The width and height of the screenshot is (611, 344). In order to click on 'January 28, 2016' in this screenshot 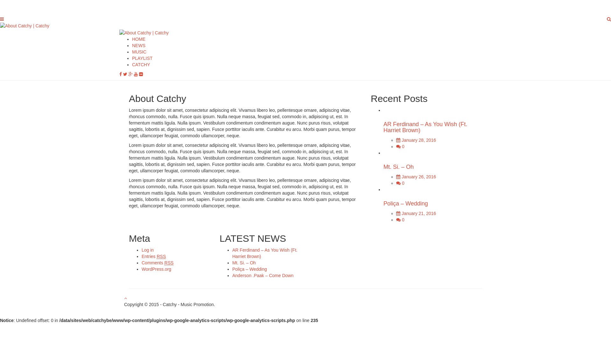, I will do `click(396, 140)`.